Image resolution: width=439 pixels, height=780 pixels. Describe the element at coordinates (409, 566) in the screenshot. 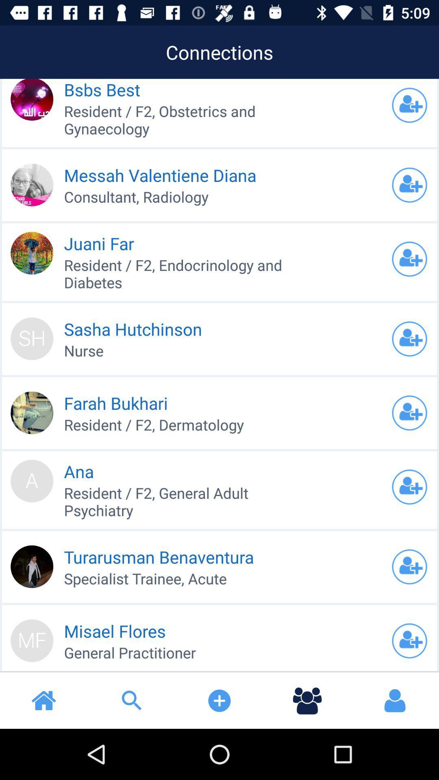

I see `person` at that location.